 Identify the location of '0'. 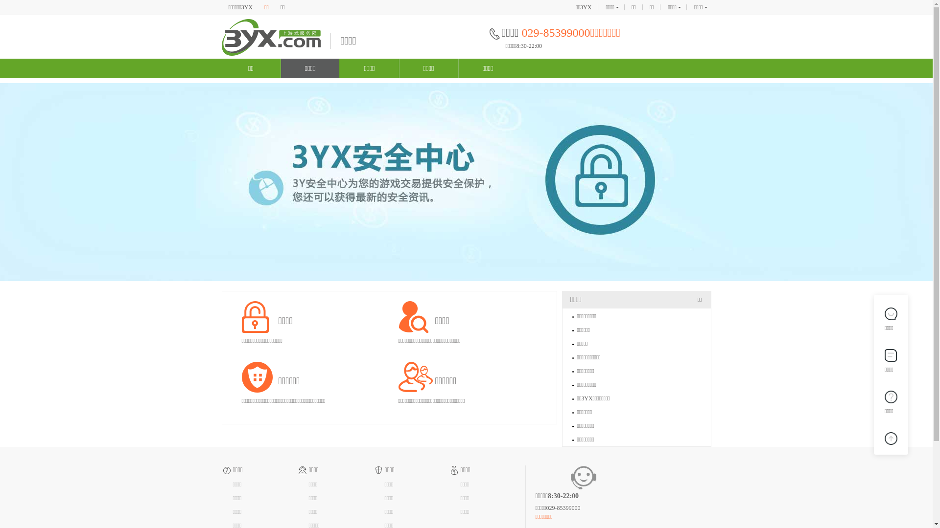
(891, 437).